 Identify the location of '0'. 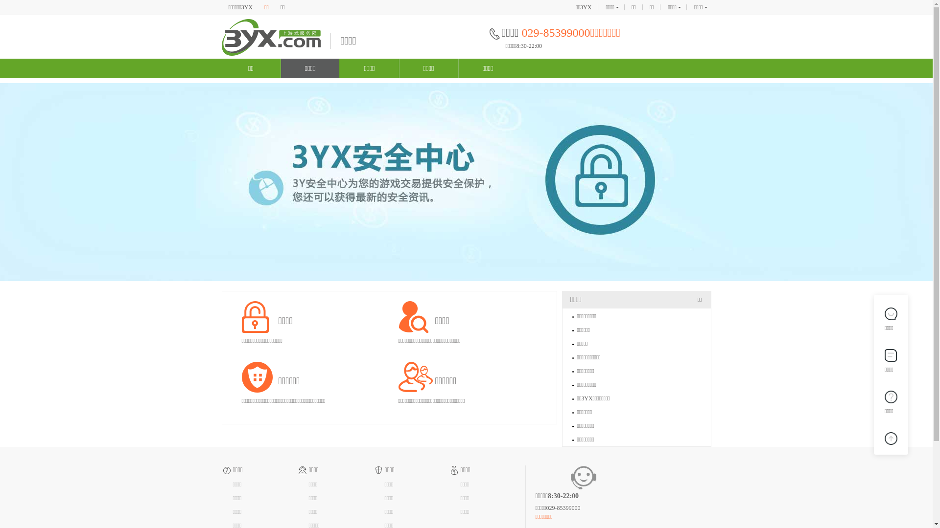
(891, 437).